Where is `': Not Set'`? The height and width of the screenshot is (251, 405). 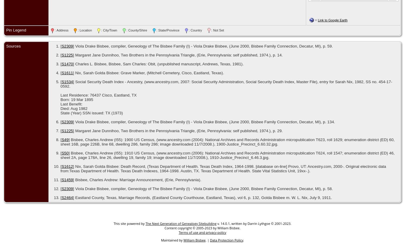 ': Not Set' is located at coordinates (217, 30).